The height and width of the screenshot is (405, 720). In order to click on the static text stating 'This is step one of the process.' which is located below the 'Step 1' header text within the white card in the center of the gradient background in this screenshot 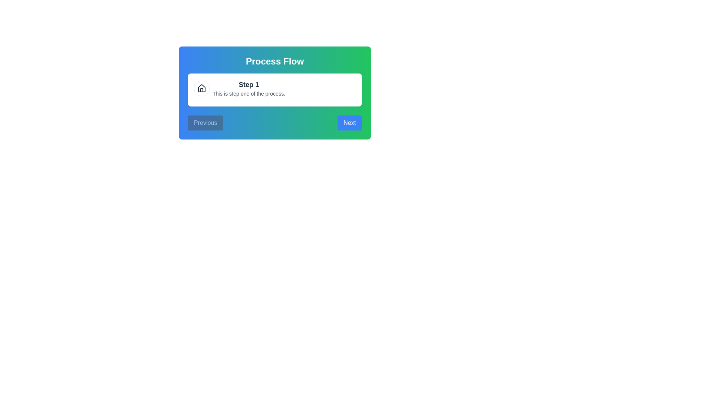, I will do `click(249, 93)`.